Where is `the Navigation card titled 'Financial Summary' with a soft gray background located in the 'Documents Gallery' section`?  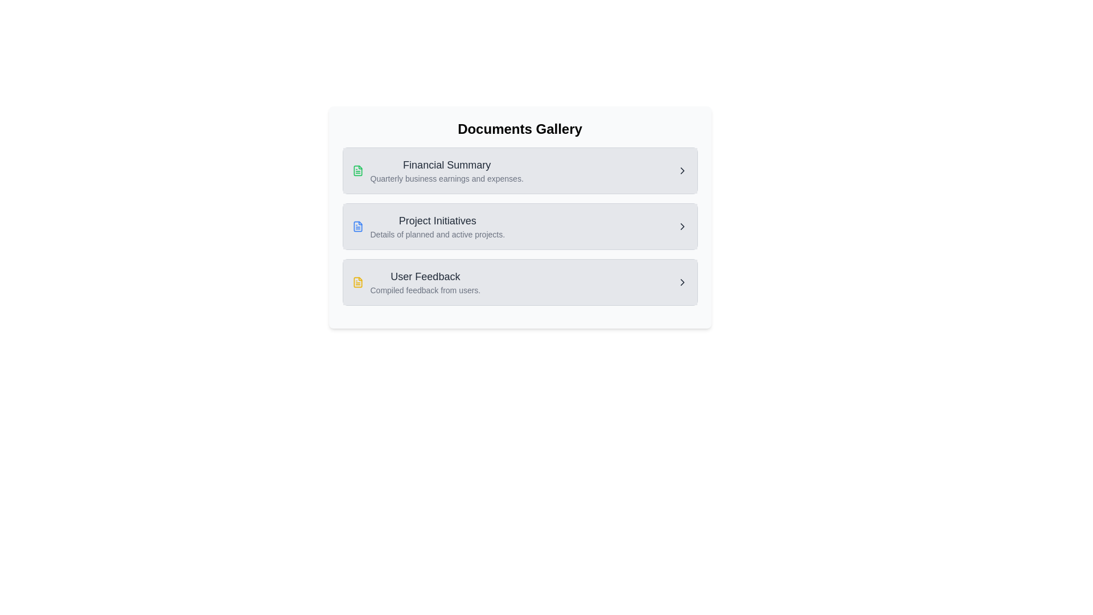
the Navigation card titled 'Financial Summary' with a soft gray background located in the 'Documents Gallery' section is located at coordinates (519, 171).